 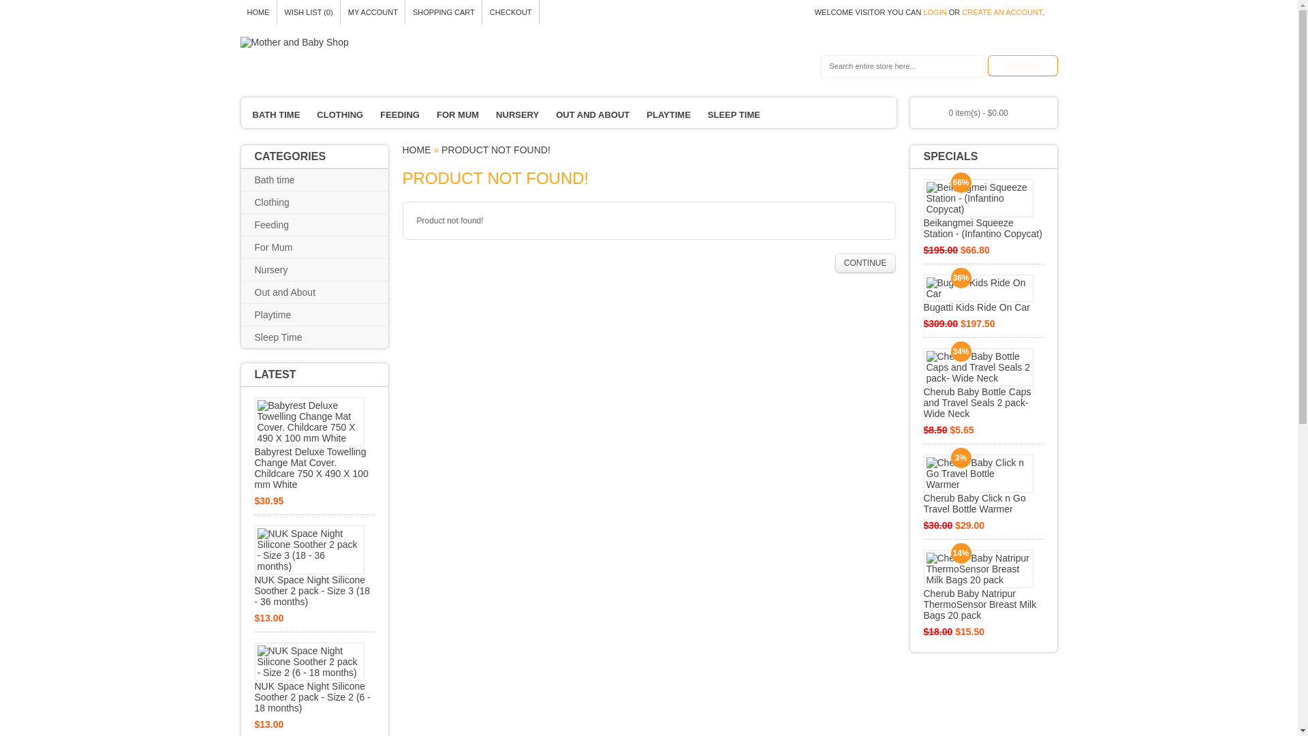 I want to click on 'Sleep Time', so click(x=287, y=337).